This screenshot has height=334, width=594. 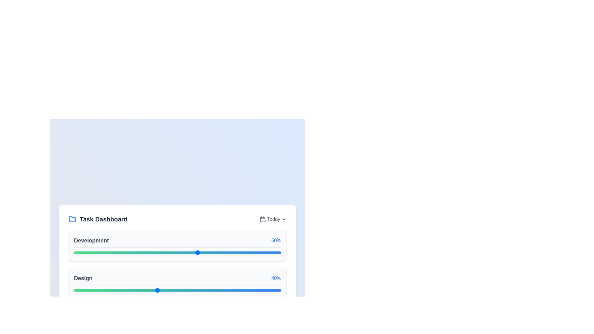 I want to click on the text label displaying '40%', so click(x=276, y=278).